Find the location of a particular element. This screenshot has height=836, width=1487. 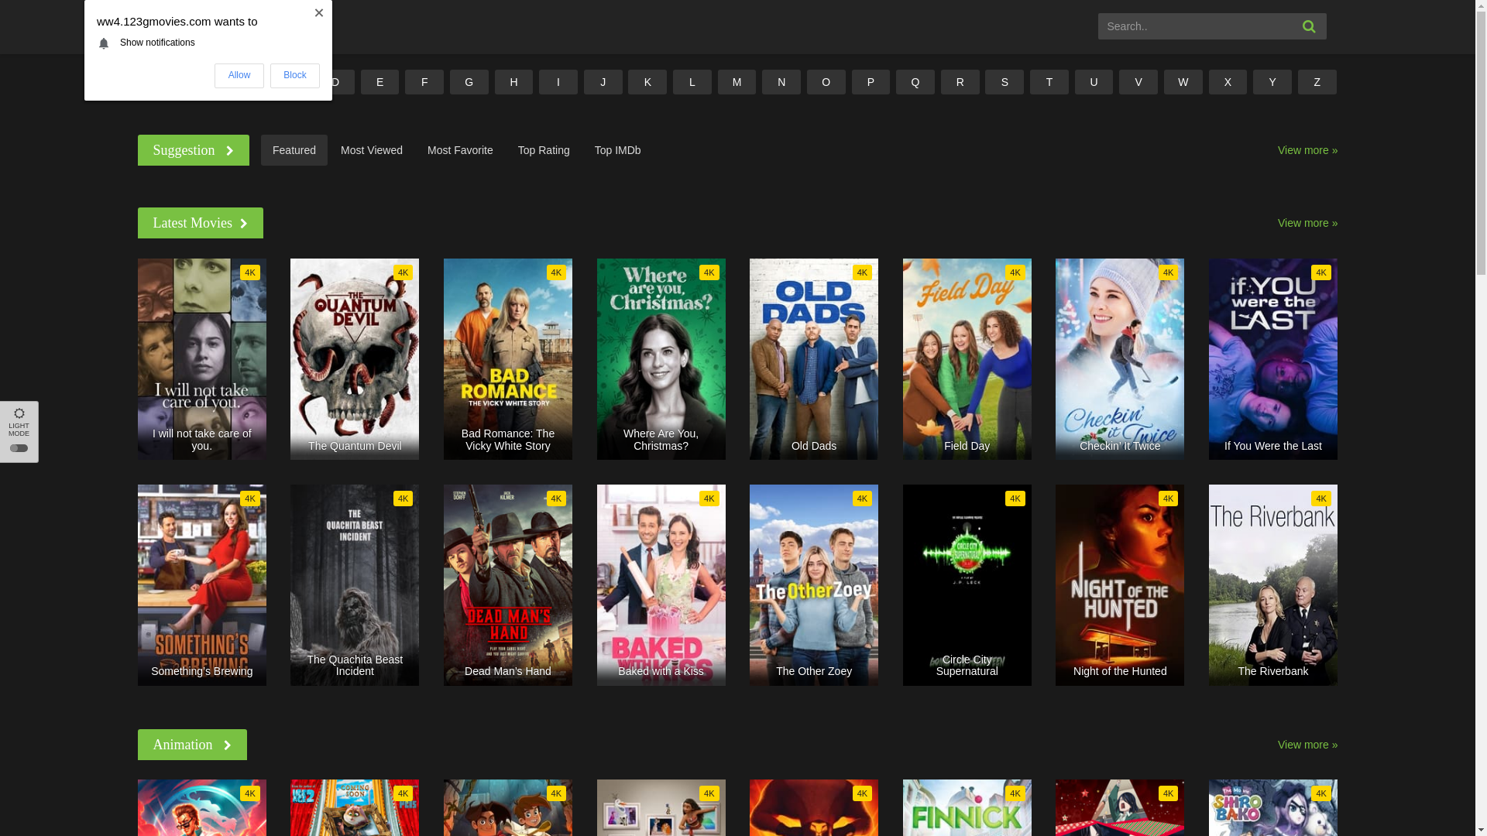

'4K is located at coordinates (201, 358).